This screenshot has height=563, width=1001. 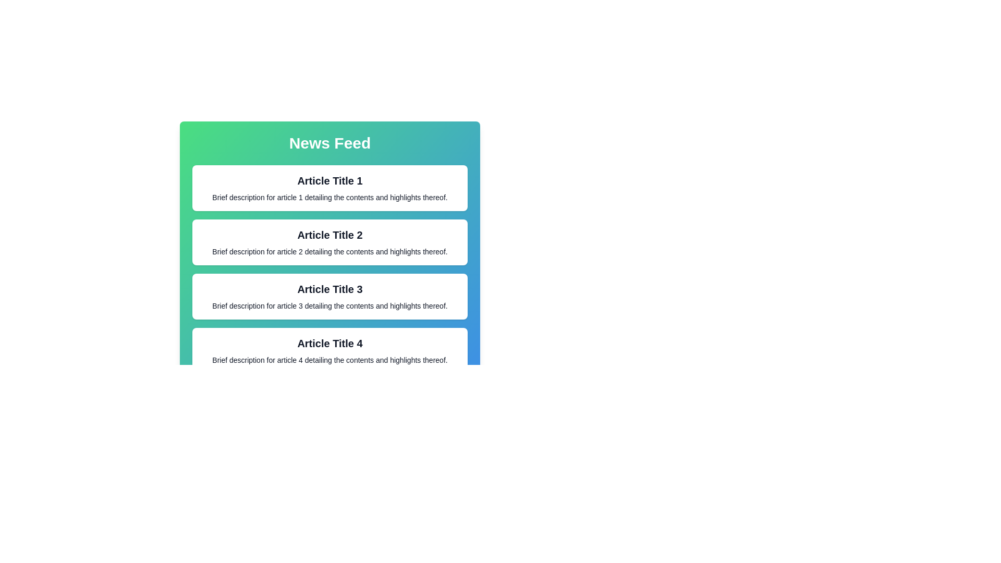 What do you see at coordinates (329, 359) in the screenshot?
I see `text block displaying 'Brief description for article 4 detailing the contents and highlights thereof.' located under 'Article Title 4' in the fourth item of the vertically stacked list` at bounding box center [329, 359].